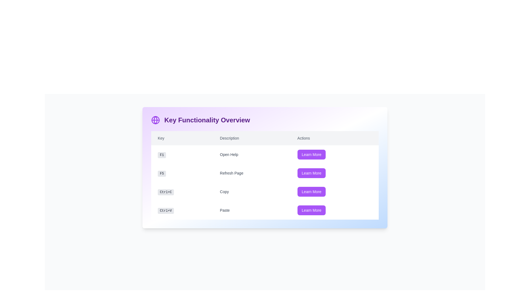 The image size is (525, 295). I want to click on the textual header displaying 'Key Functionality Overview', which is styled in bold, large purple font and positioned at the top of the content section, so click(207, 120).